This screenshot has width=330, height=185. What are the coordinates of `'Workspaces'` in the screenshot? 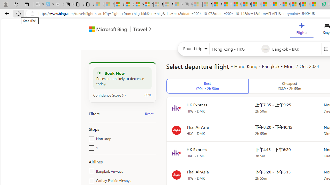 It's located at (16, 4).